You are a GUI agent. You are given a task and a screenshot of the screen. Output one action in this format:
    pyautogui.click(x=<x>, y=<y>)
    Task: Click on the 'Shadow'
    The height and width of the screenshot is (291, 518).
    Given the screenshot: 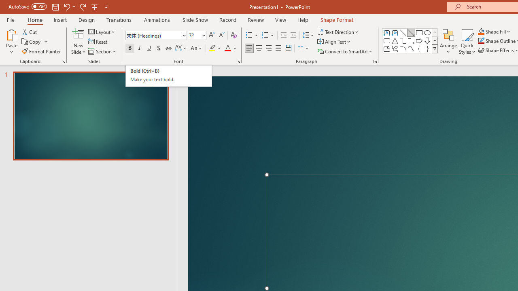 What is the action you would take?
    pyautogui.click(x=159, y=48)
    